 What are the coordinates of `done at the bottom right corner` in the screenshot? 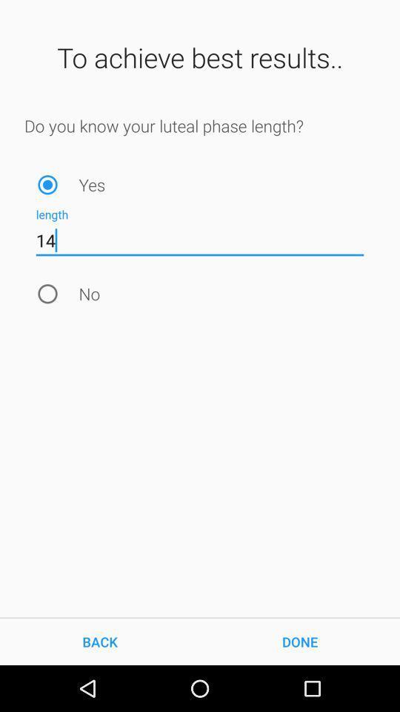 It's located at (300, 641).